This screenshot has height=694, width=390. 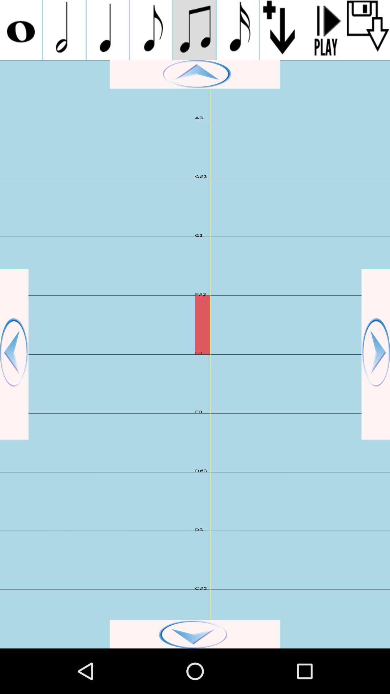 I want to click on change the tune, so click(x=238, y=30).